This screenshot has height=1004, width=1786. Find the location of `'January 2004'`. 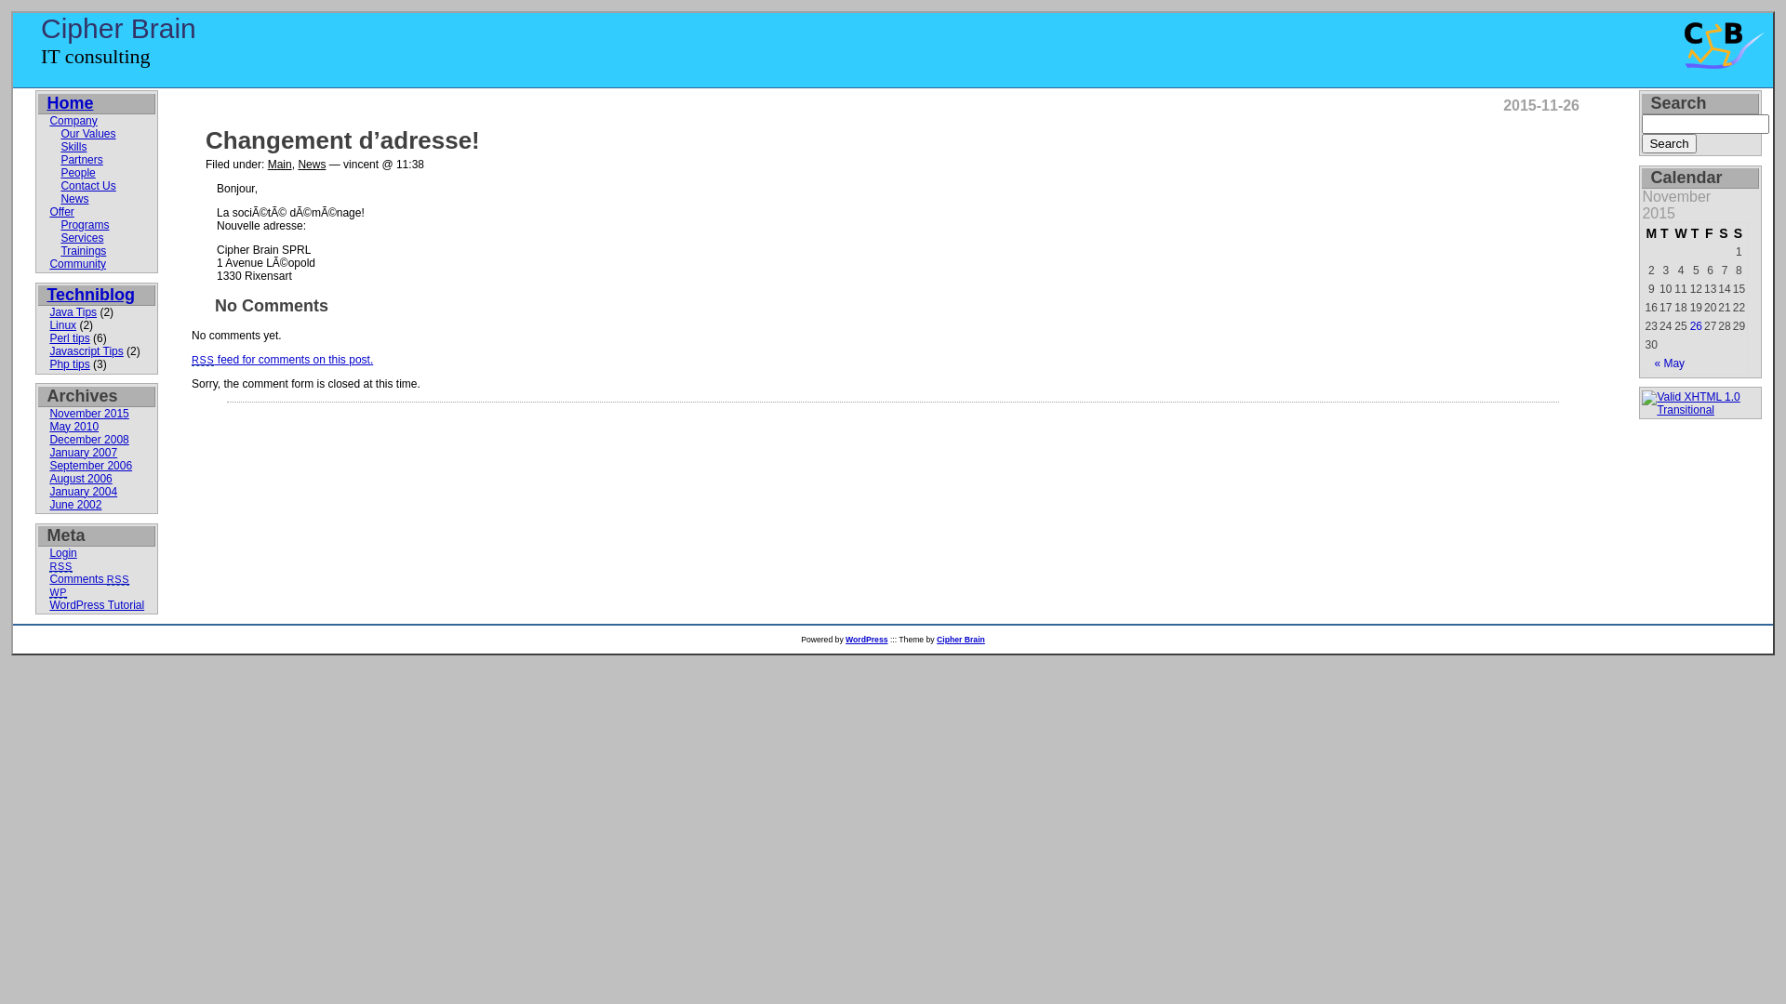

'January 2004' is located at coordinates (82, 490).